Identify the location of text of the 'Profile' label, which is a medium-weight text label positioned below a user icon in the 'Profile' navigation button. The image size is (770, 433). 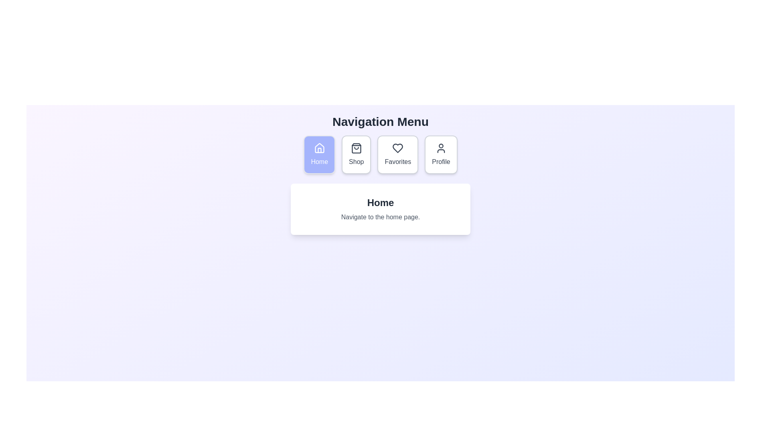
(440, 162).